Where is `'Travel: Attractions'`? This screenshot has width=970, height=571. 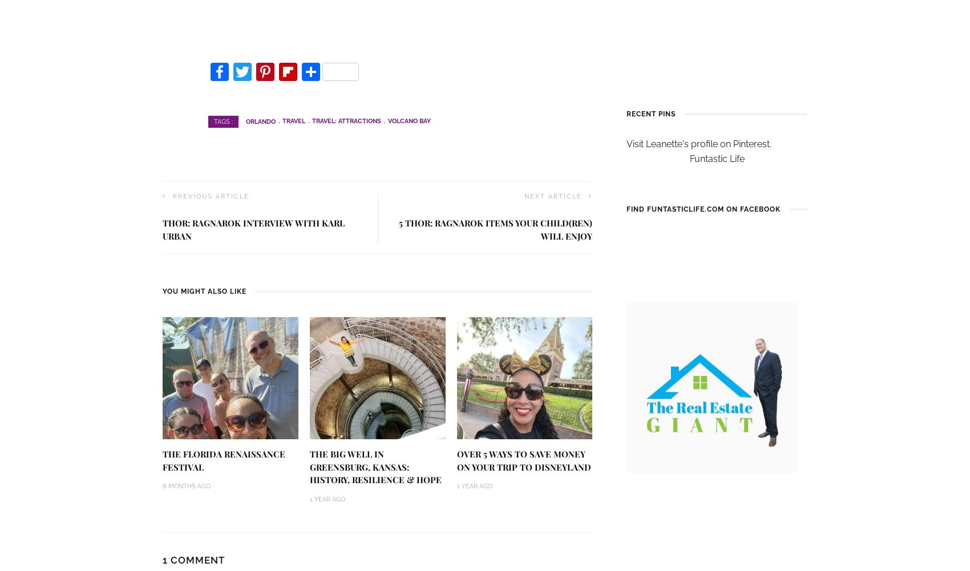 'Travel: Attractions' is located at coordinates (312, 121).